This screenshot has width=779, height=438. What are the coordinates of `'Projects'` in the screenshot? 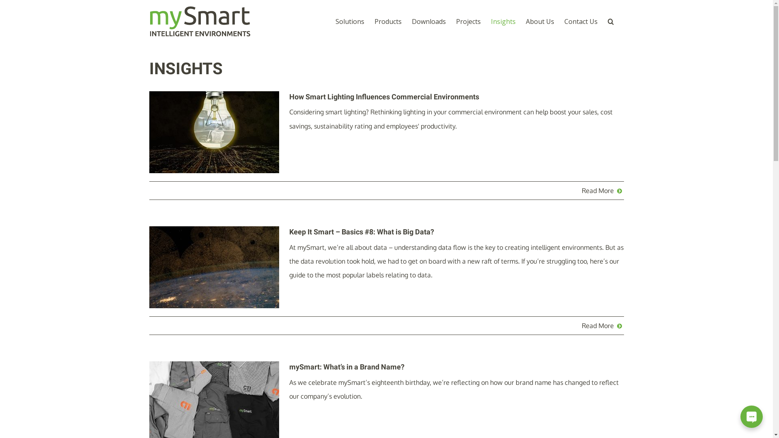 It's located at (456, 21).